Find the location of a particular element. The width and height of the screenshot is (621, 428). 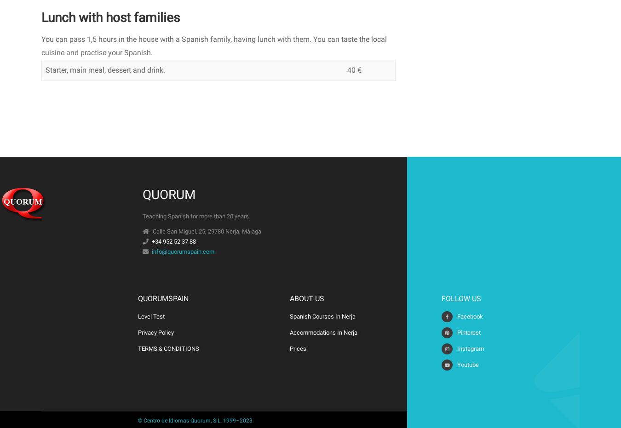

'Starter, main meal, dessert and drink.' is located at coordinates (104, 69).